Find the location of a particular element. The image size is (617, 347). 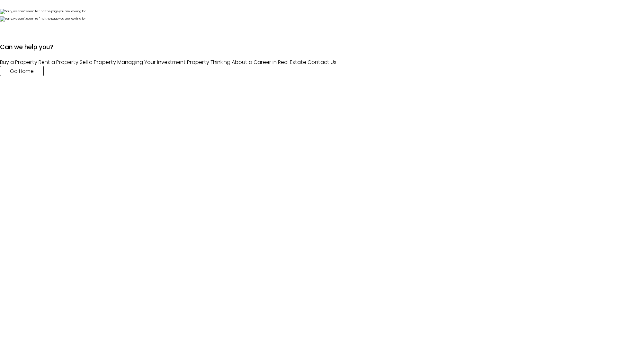

'Go Home' is located at coordinates (0, 71).